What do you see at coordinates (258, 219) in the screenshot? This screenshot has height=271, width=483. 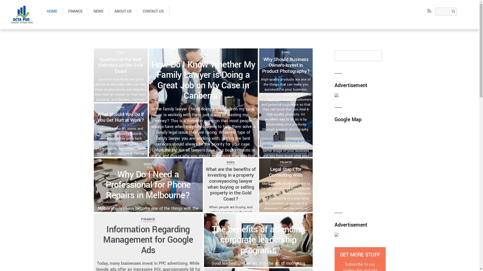 I see `'FINANCE'` at bounding box center [258, 219].